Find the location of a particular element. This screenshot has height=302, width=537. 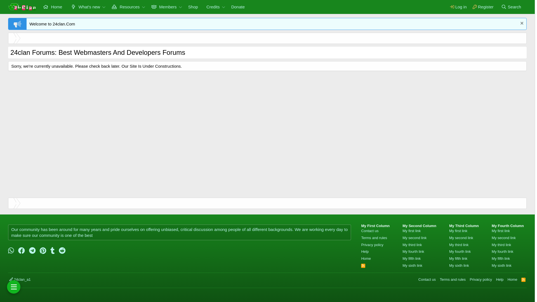

'Credits' is located at coordinates (211, 7).